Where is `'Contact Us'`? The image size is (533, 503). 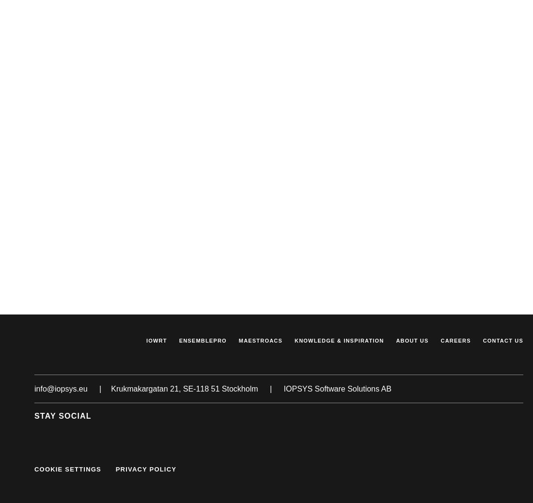
'Contact Us' is located at coordinates (502, 339).